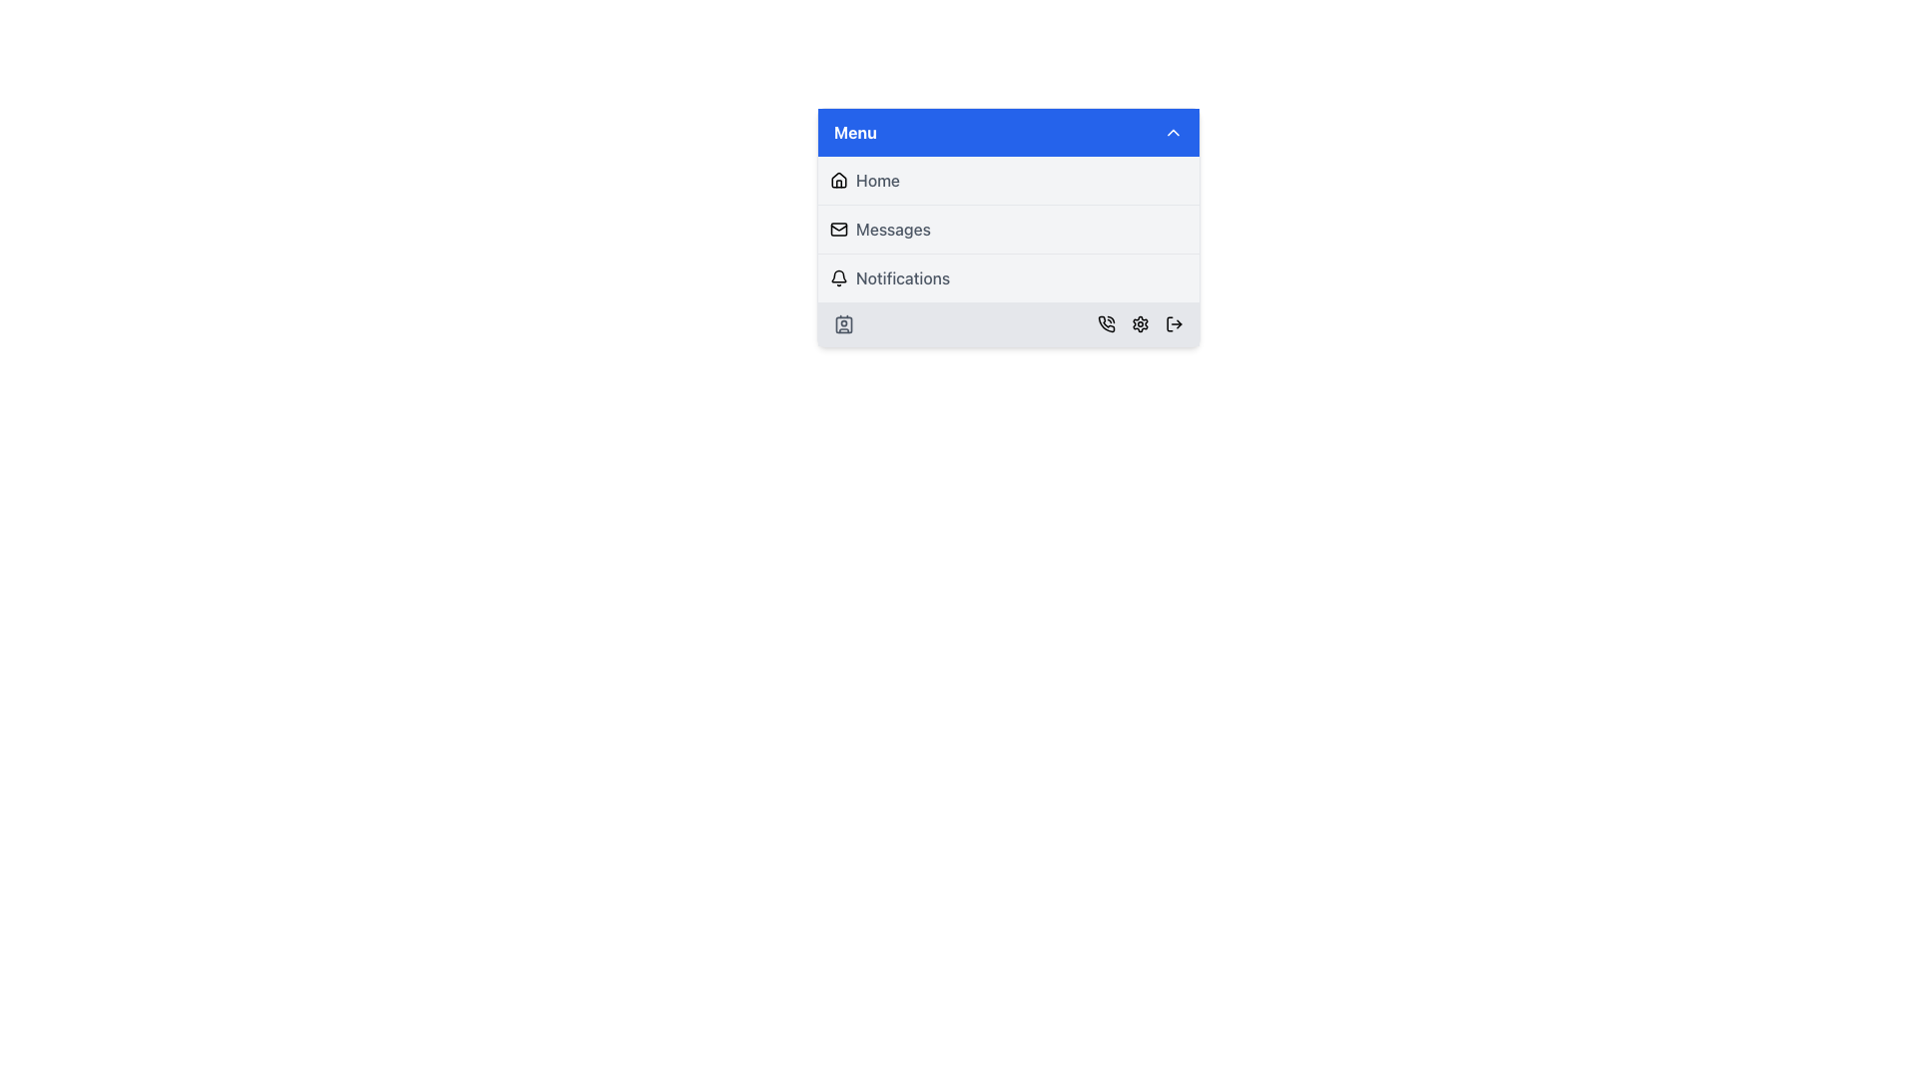 This screenshot has height=1078, width=1916. I want to click on the top left segment of the phone call icon within the menu interface, which features a classic phone symbol and radiating waves indicating a call signal, so click(1105, 322).